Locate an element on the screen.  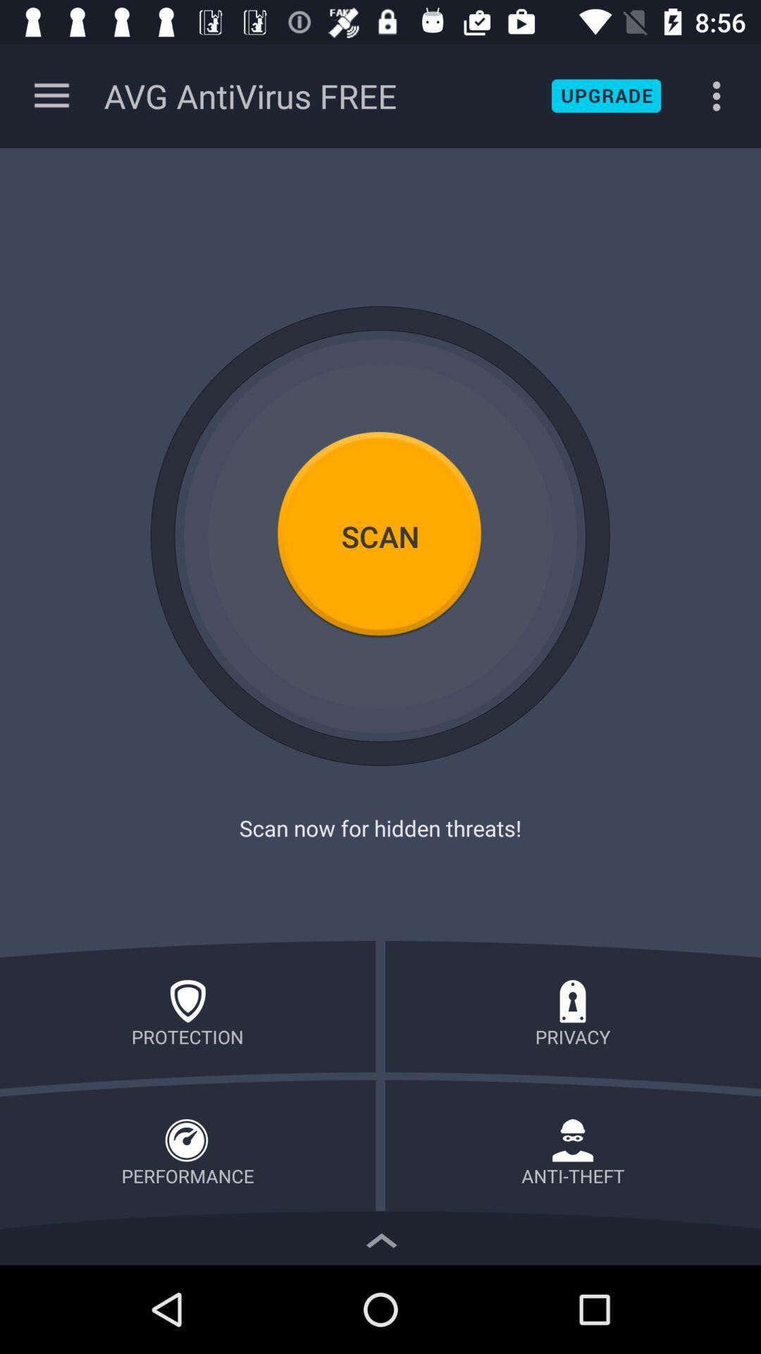
hidden screen is located at coordinates (380, 1236).